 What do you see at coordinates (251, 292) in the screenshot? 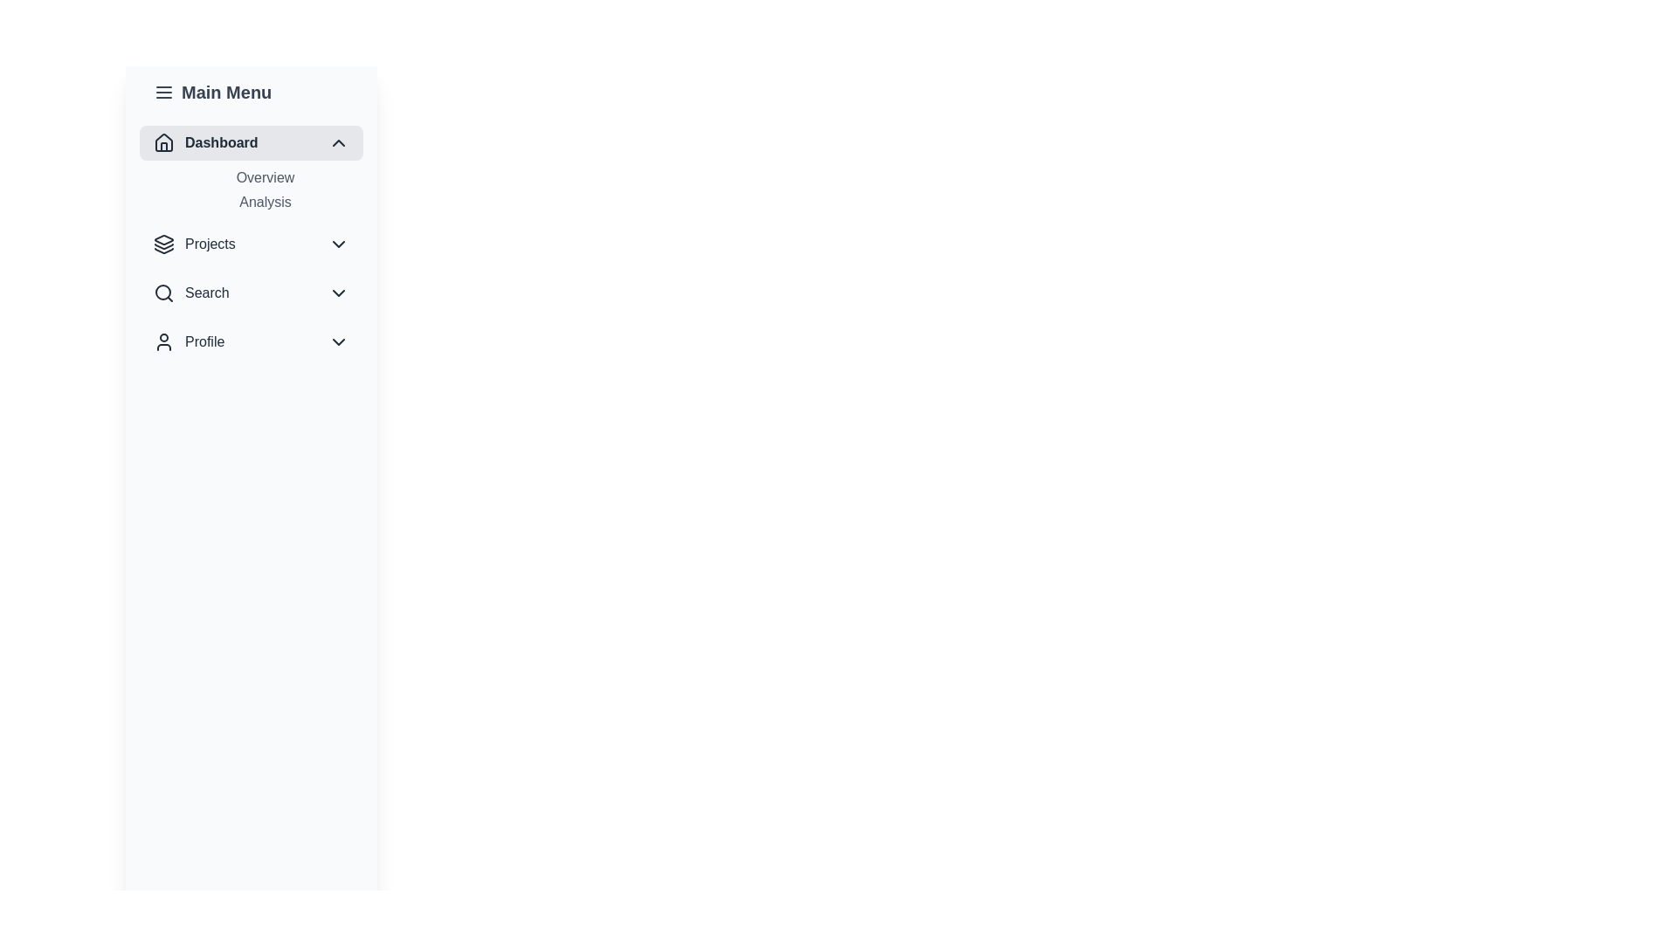
I see `the fourth menu item in the vertical navigation menu on the left side of the interface` at bounding box center [251, 292].